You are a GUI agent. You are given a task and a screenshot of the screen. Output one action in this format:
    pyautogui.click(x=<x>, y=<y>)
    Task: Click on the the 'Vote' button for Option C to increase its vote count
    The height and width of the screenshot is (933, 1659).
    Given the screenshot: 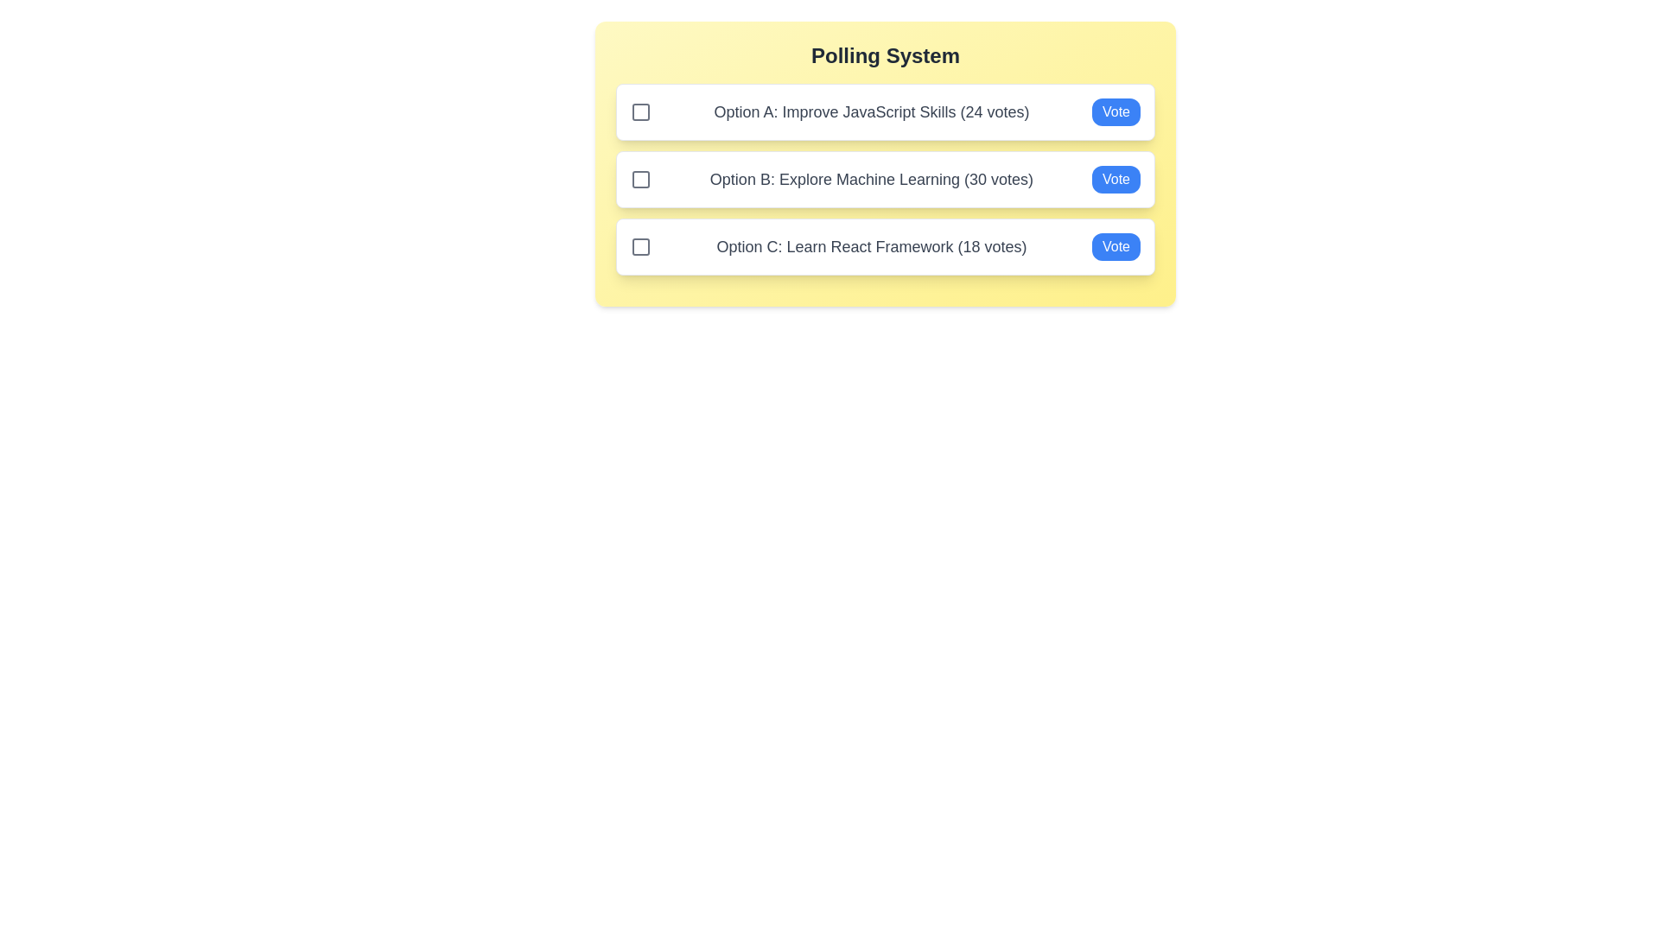 What is the action you would take?
    pyautogui.click(x=1116, y=246)
    